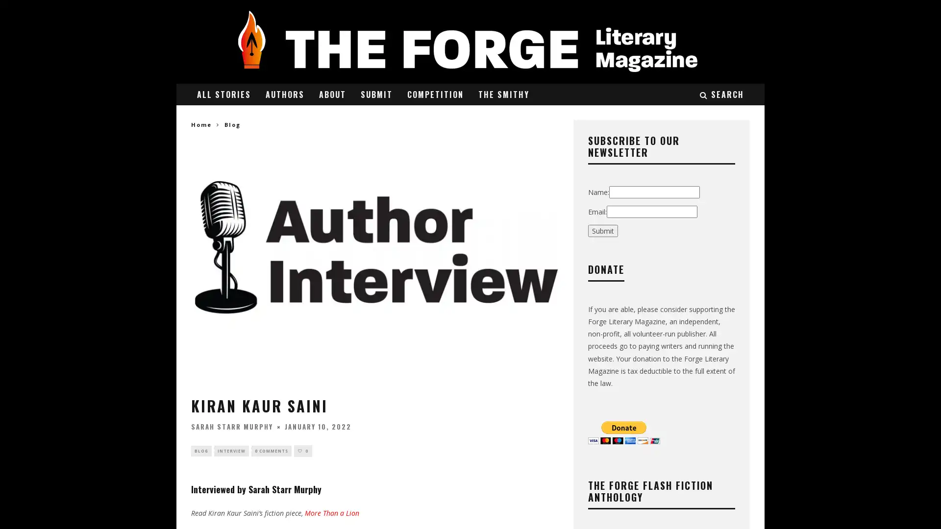 The width and height of the screenshot is (941, 529). I want to click on PayPal - The safer, easier way to pay online!, so click(623, 432).